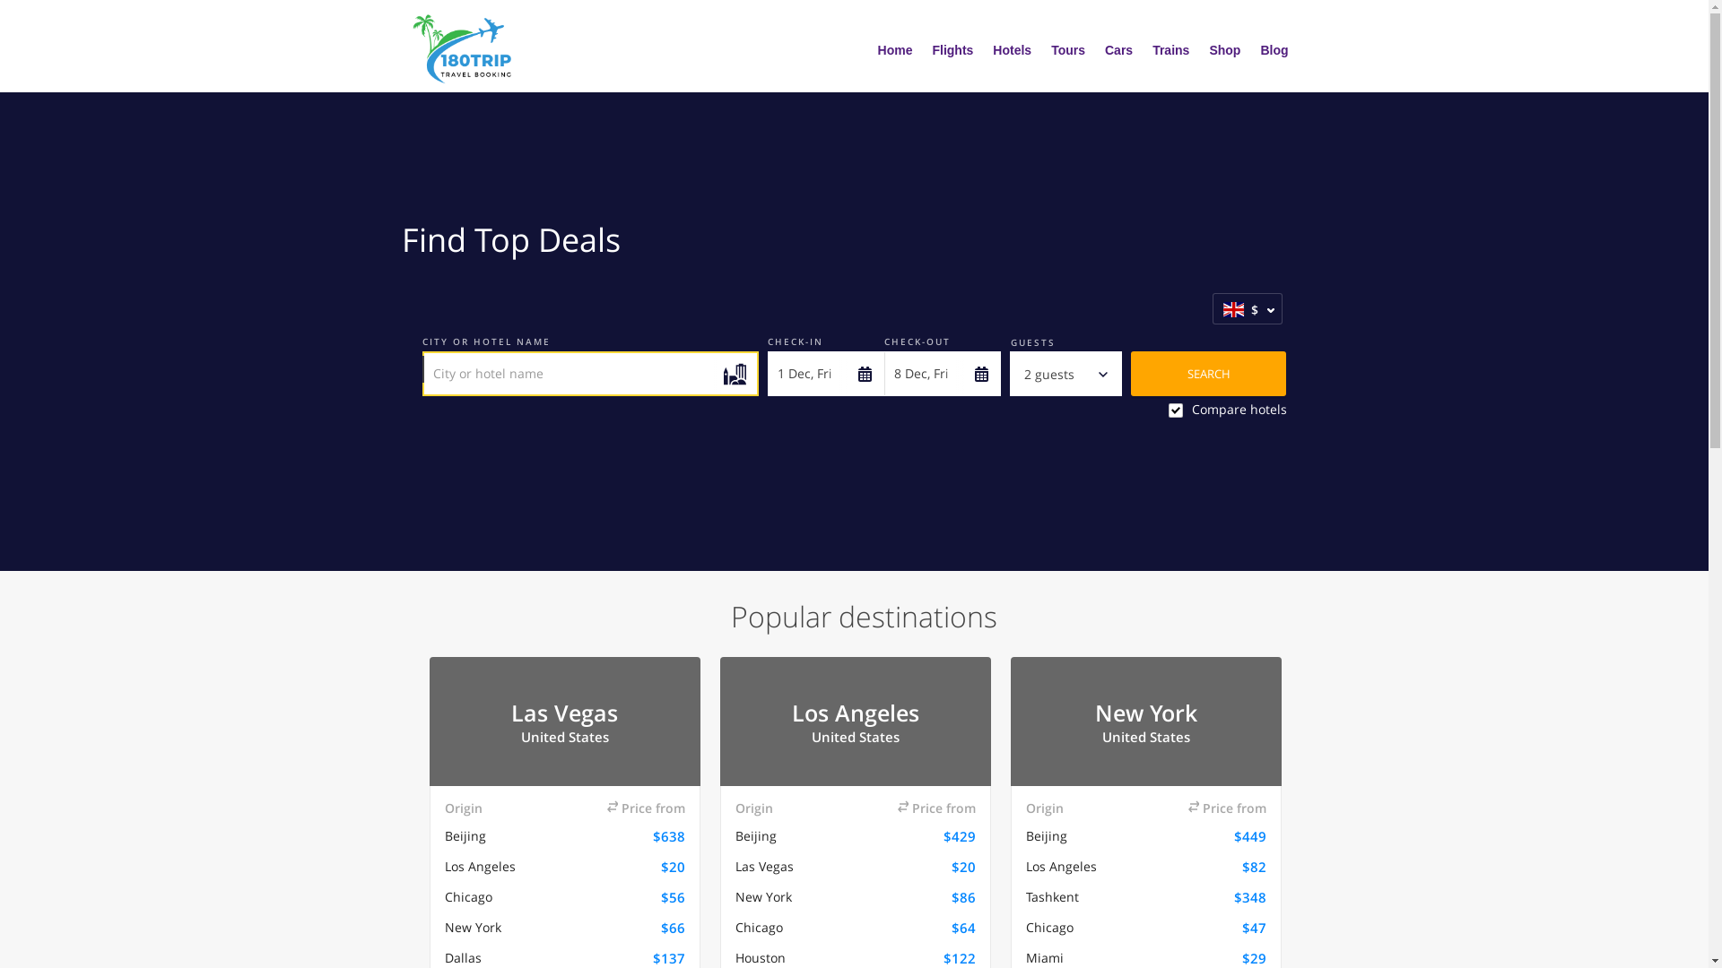 The height and width of the screenshot is (968, 1722). I want to click on 'Flights', so click(951, 50).